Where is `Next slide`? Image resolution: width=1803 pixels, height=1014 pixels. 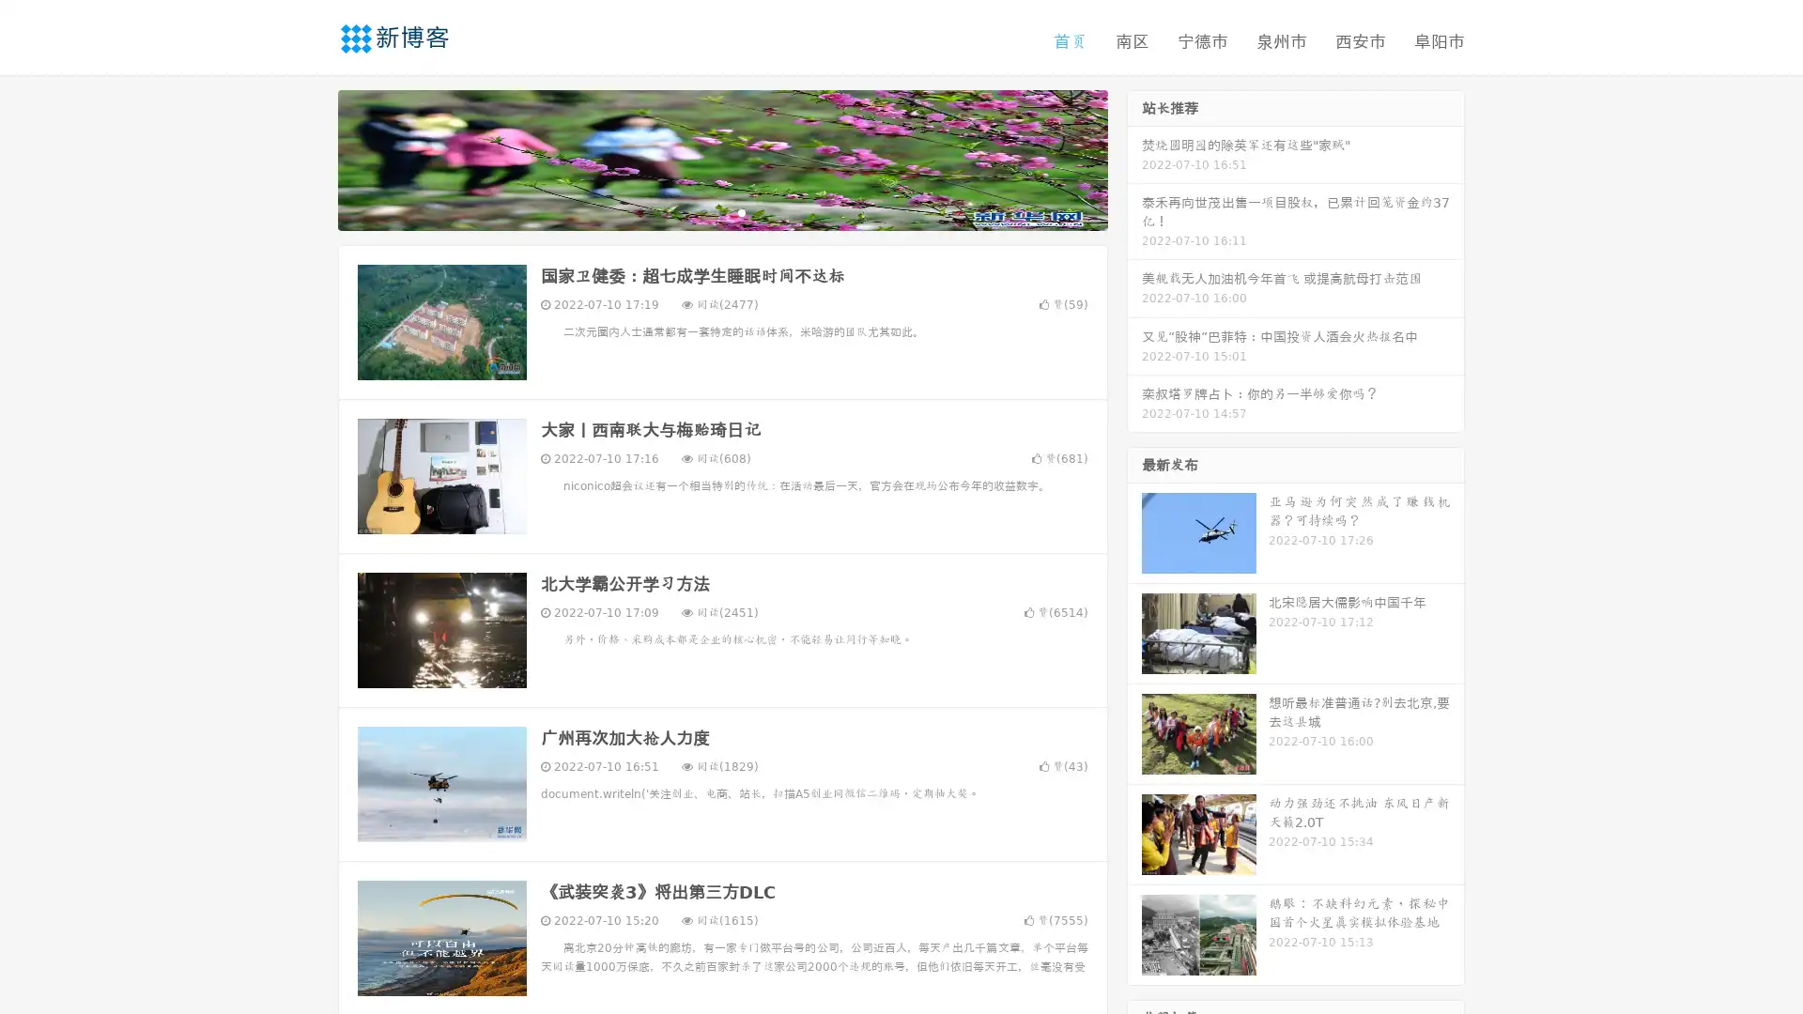
Next slide is located at coordinates (1134, 158).